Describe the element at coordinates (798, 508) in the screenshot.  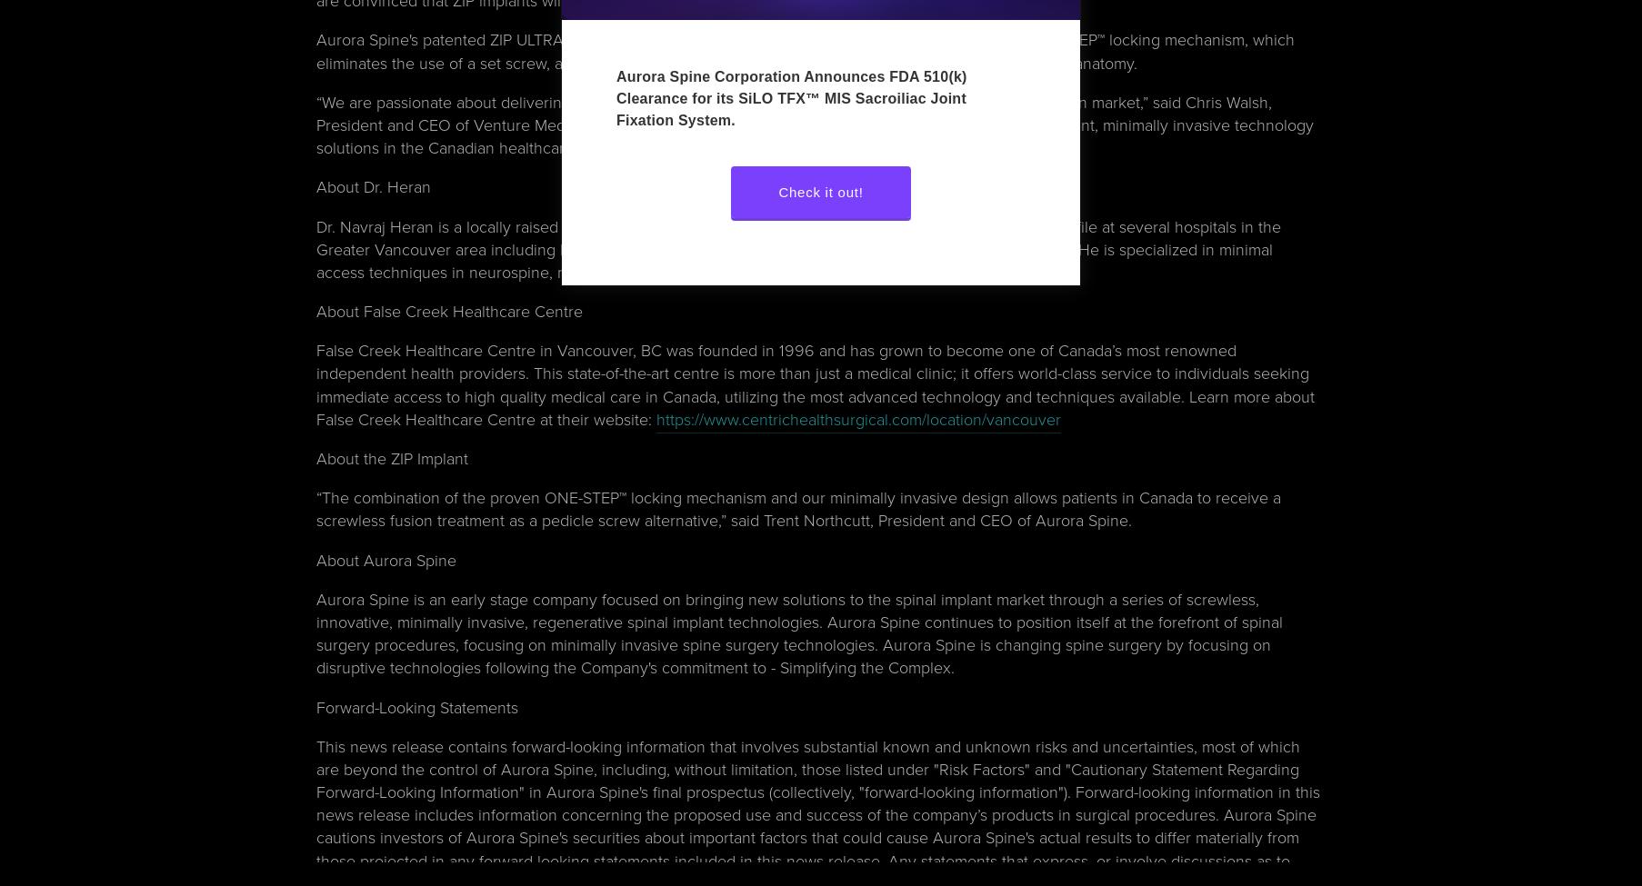
I see `'“The combination of the proven ONE-STEP™ locking mechanism and our minimally invasive design allows patients in Canada to receive a screwless fusion treatment as a pedicle screw alternative,” said Trent Northcutt, President and CEO of Aurora Spine.'` at that location.